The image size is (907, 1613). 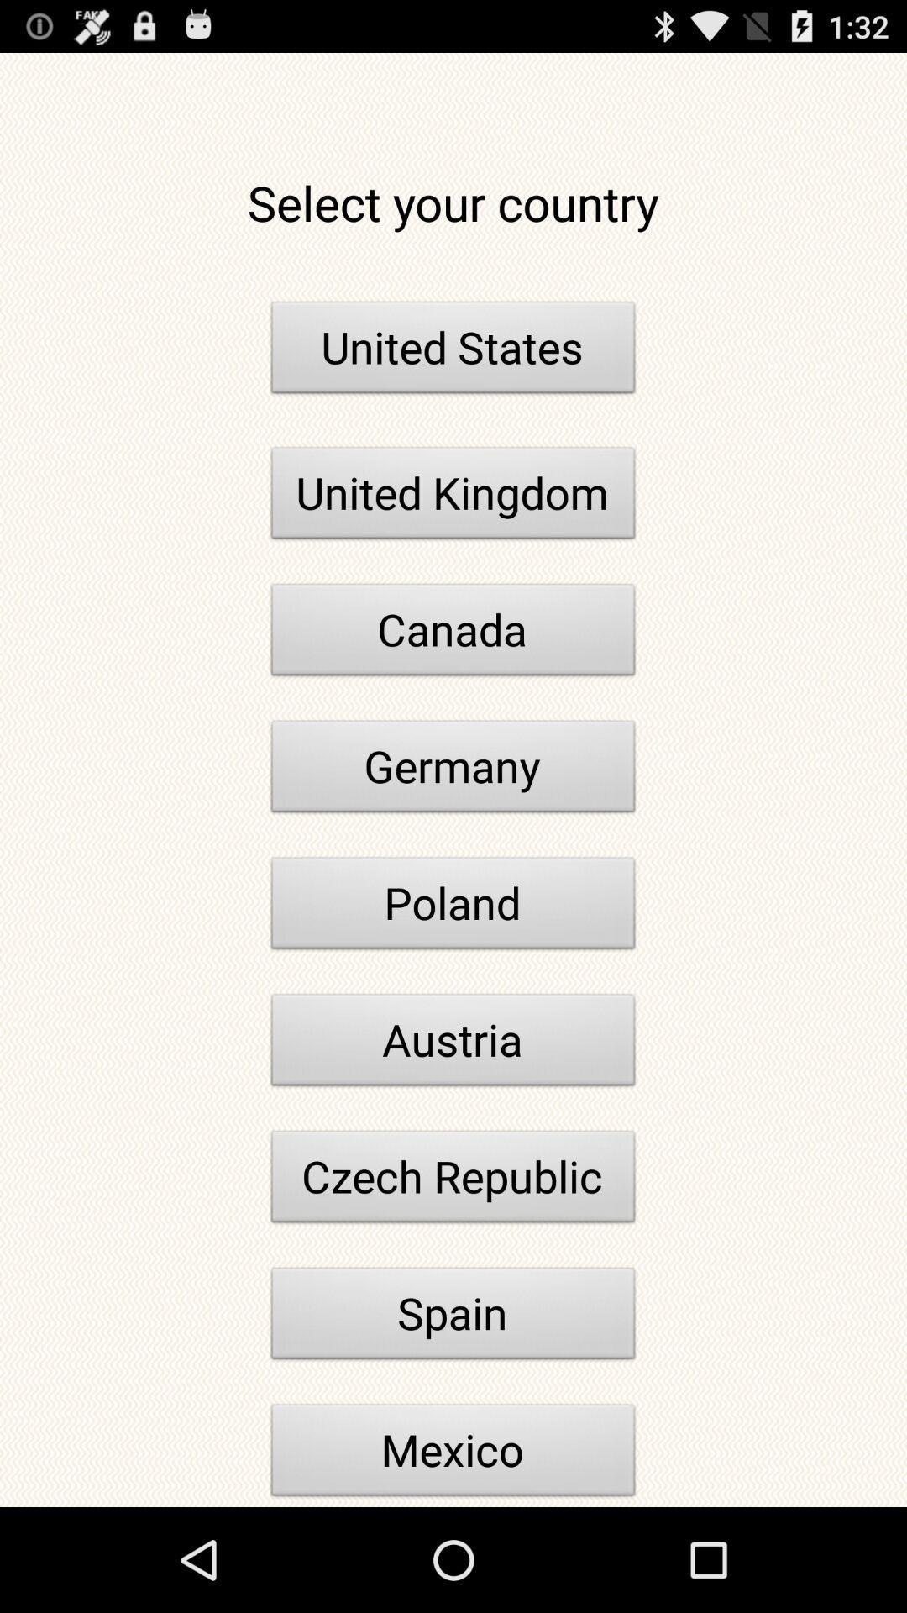 I want to click on czech republic item, so click(x=453, y=1180).